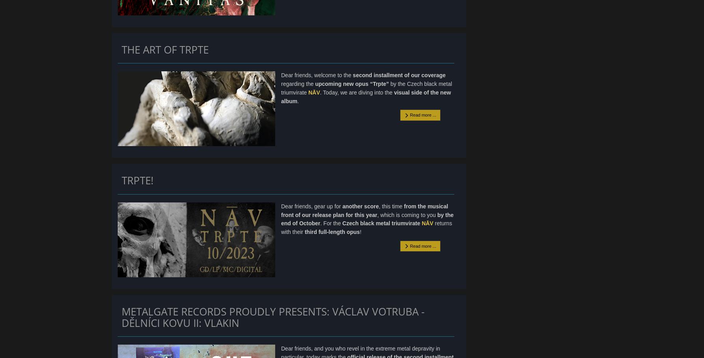 The image size is (704, 358). What do you see at coordinates (331, 223) in the screenshot?
I see `'. For the'` at bounding box center [331, 223].